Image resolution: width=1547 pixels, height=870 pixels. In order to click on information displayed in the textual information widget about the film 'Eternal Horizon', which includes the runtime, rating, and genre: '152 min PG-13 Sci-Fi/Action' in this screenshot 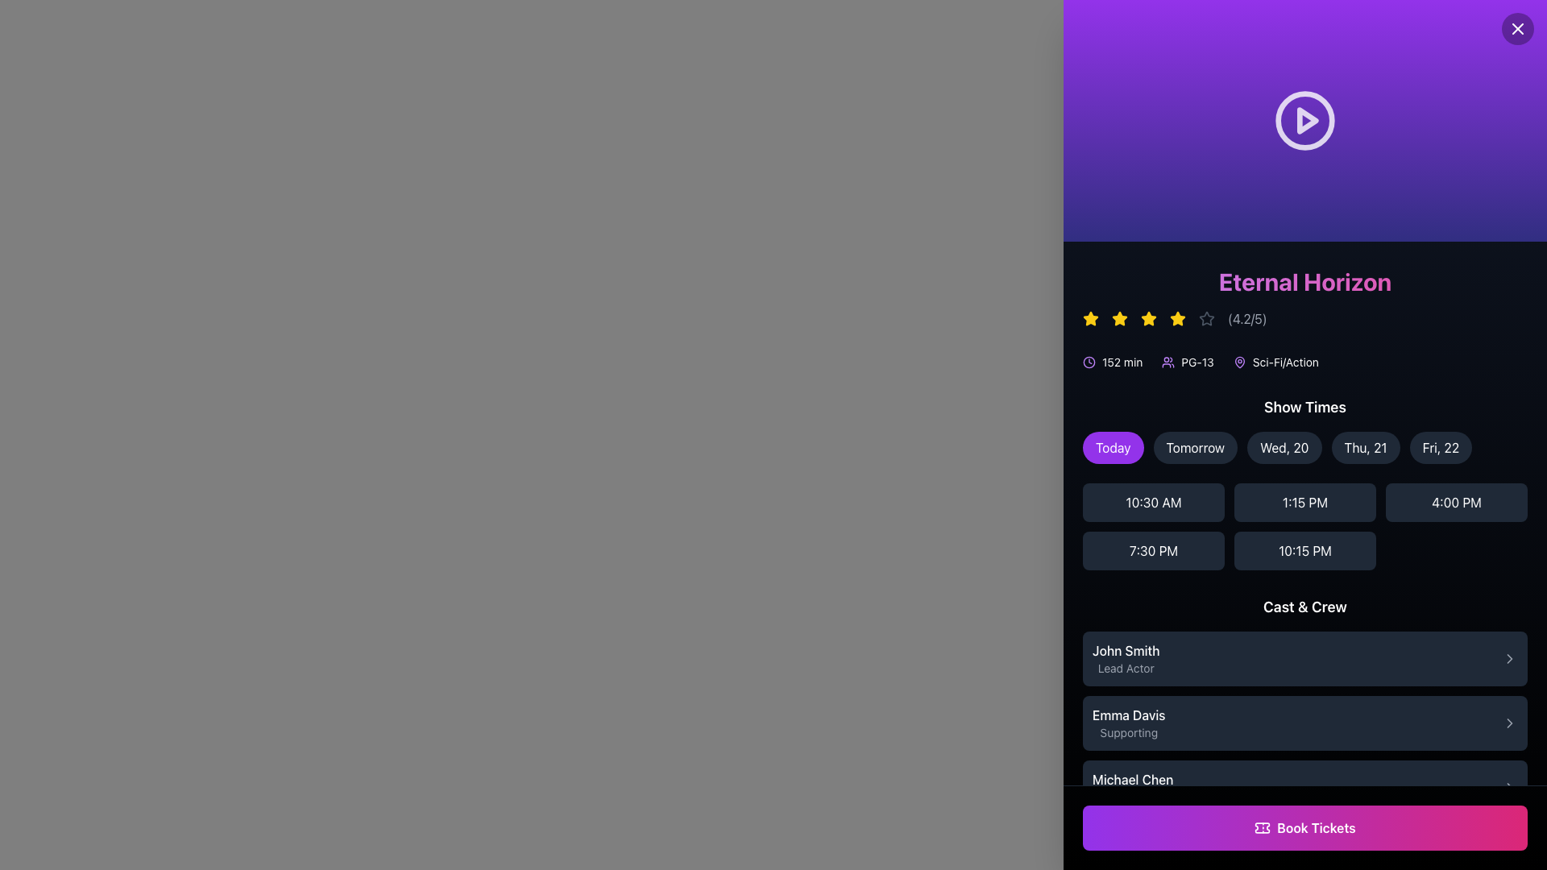, I will do `click(1305, 362)`.